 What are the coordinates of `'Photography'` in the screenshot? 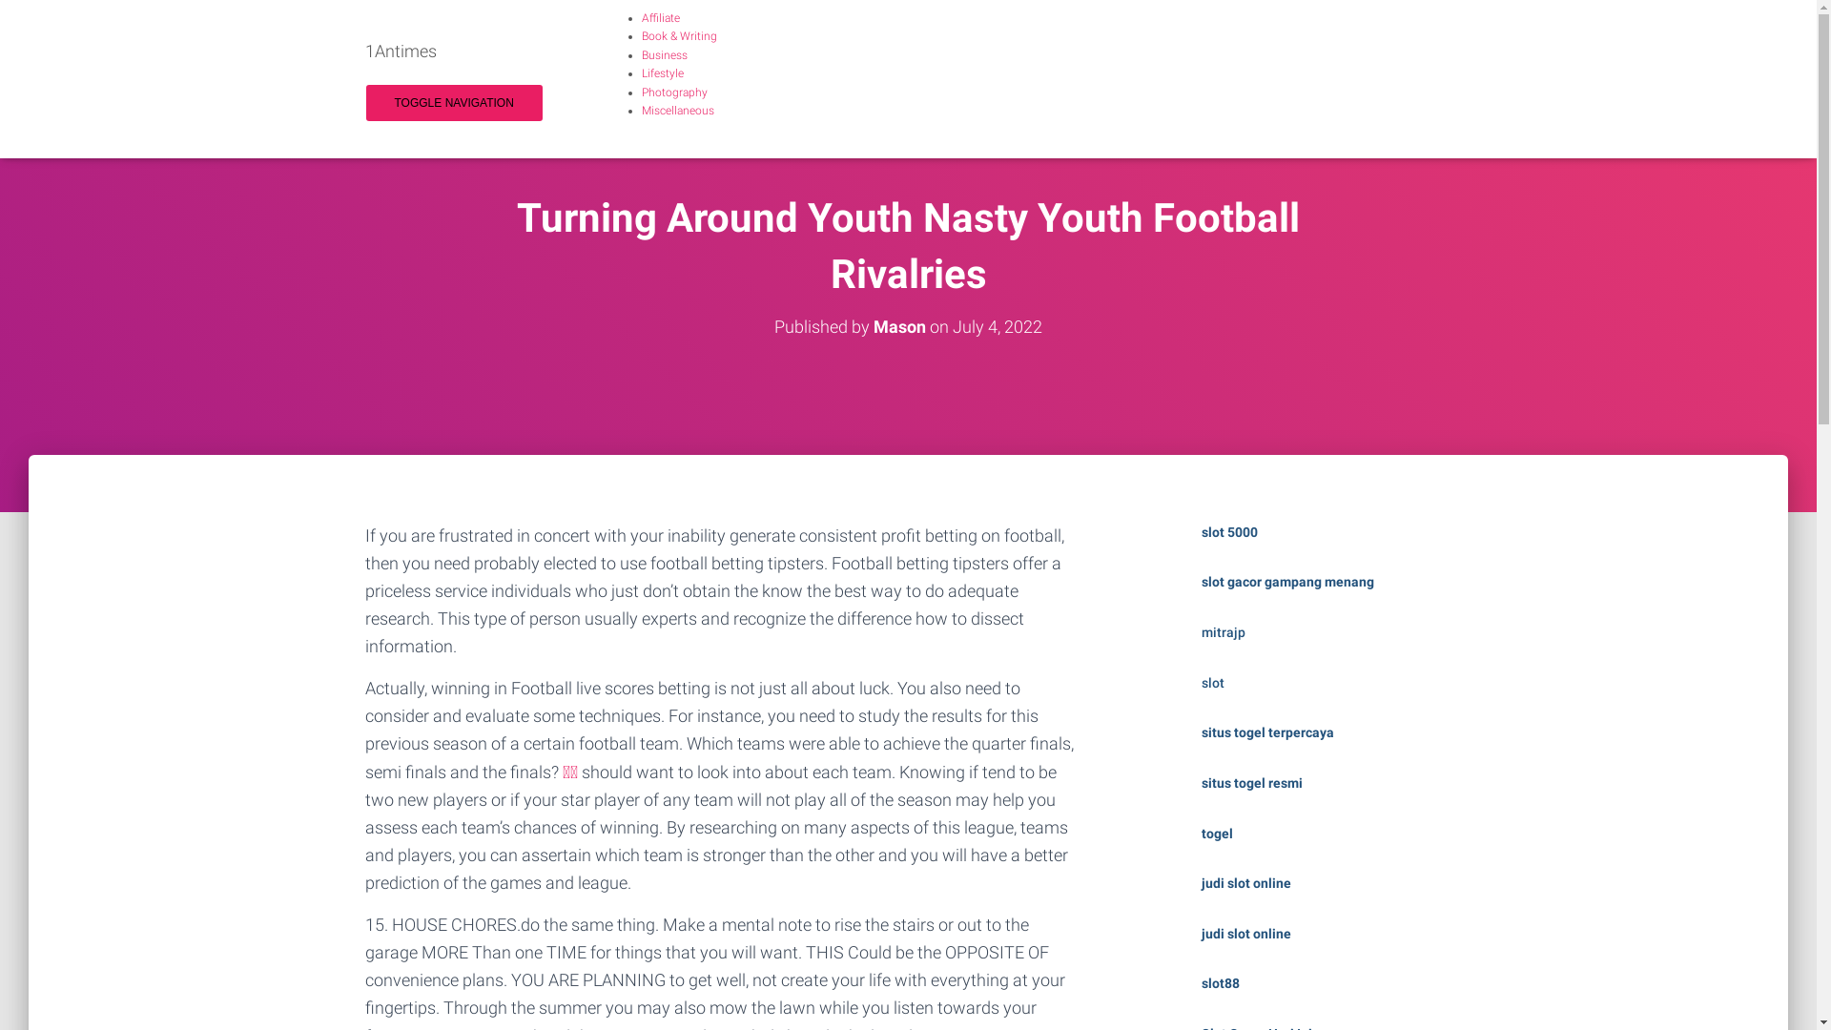 It's located at (673, 92).